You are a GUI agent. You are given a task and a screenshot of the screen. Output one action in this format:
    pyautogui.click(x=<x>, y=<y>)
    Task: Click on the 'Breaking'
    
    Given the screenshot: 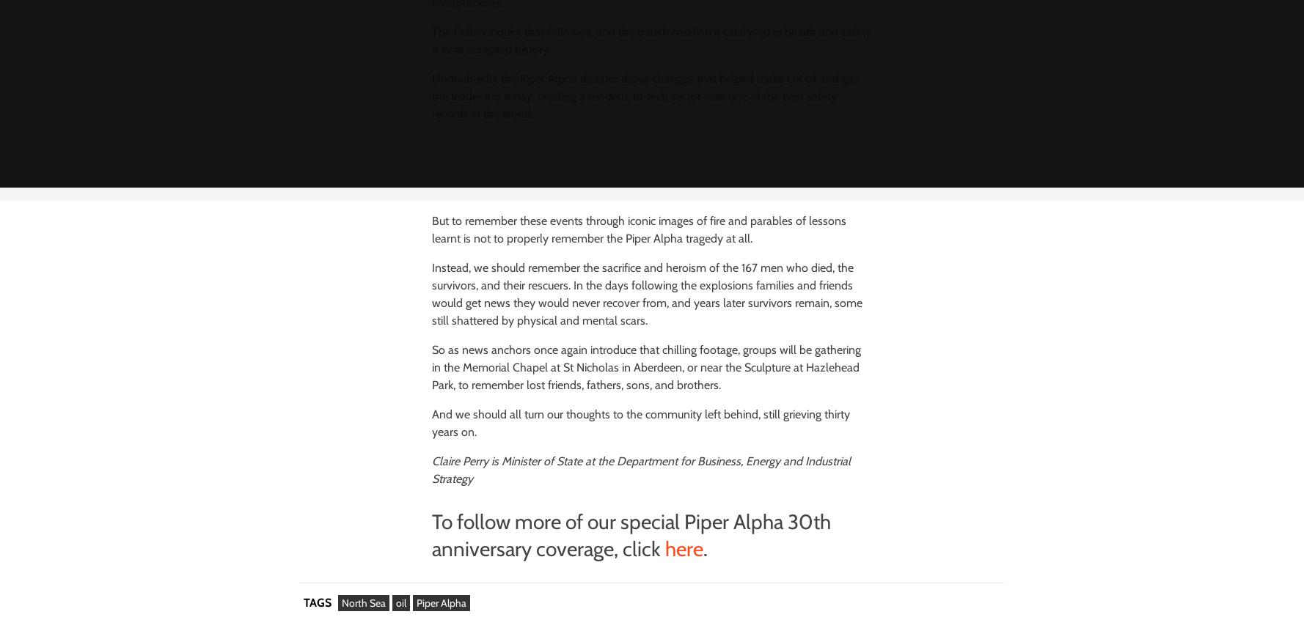 What is the action you would take?
    pyautogui.click(x=303, y=302)
    